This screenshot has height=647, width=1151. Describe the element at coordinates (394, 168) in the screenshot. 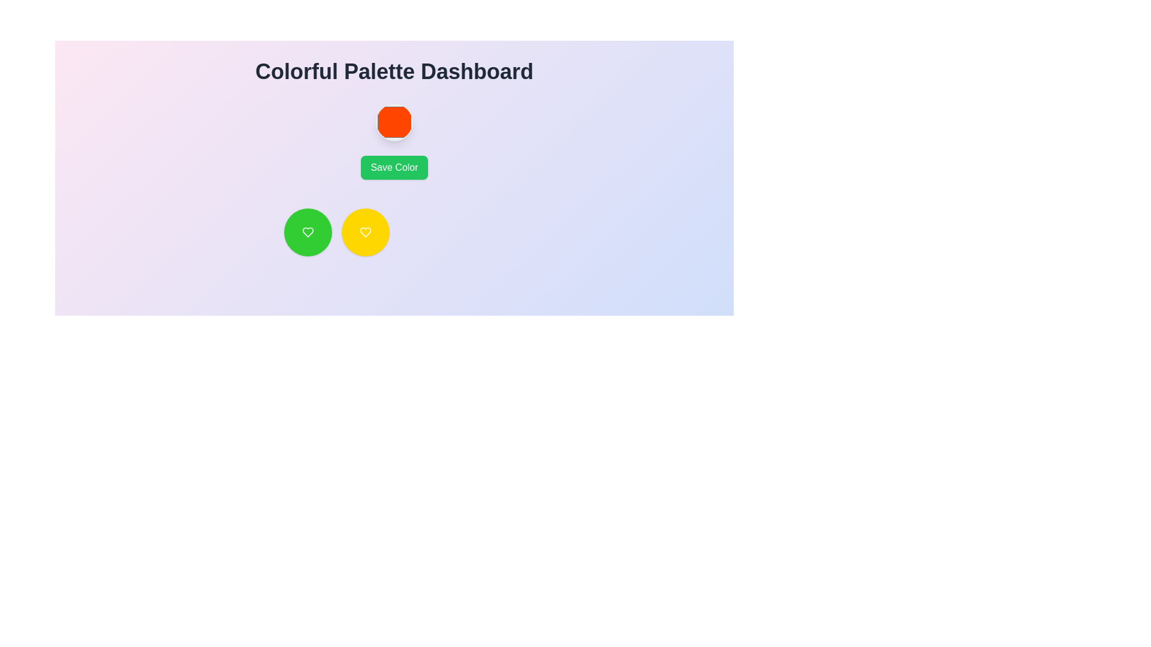

I see `the 'Save Color' button, which is a rectangular button with a green background and white text` at that location.